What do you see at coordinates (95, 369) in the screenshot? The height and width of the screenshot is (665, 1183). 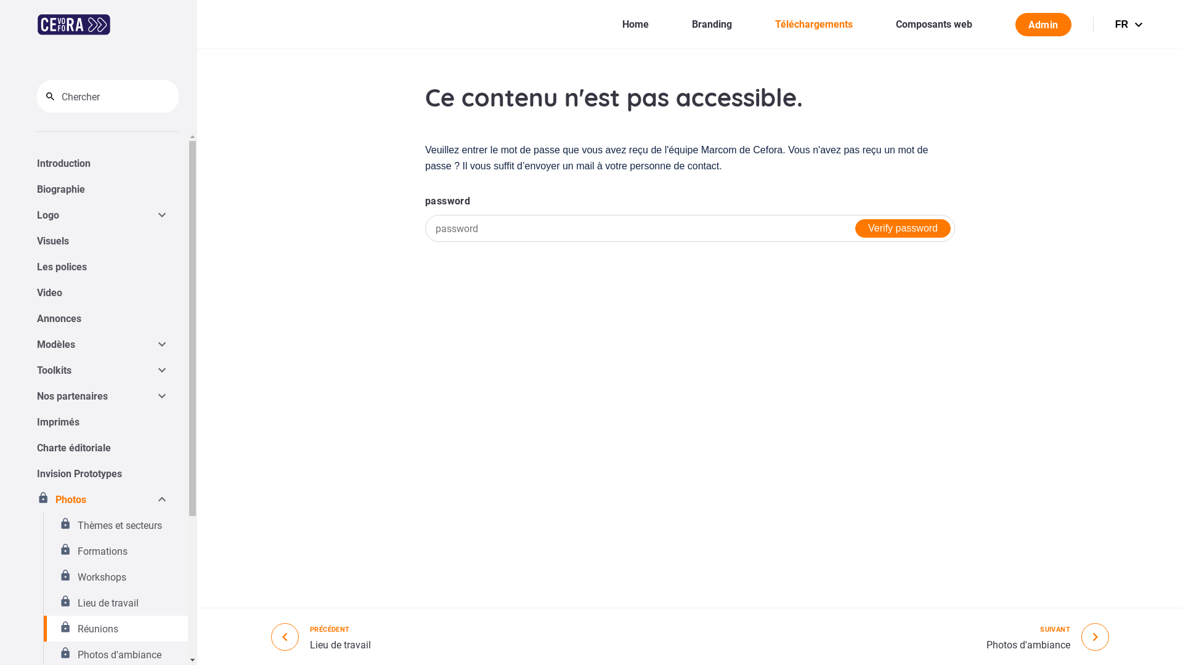 I see `'Toolkits'` at bounding box center [95, 369].